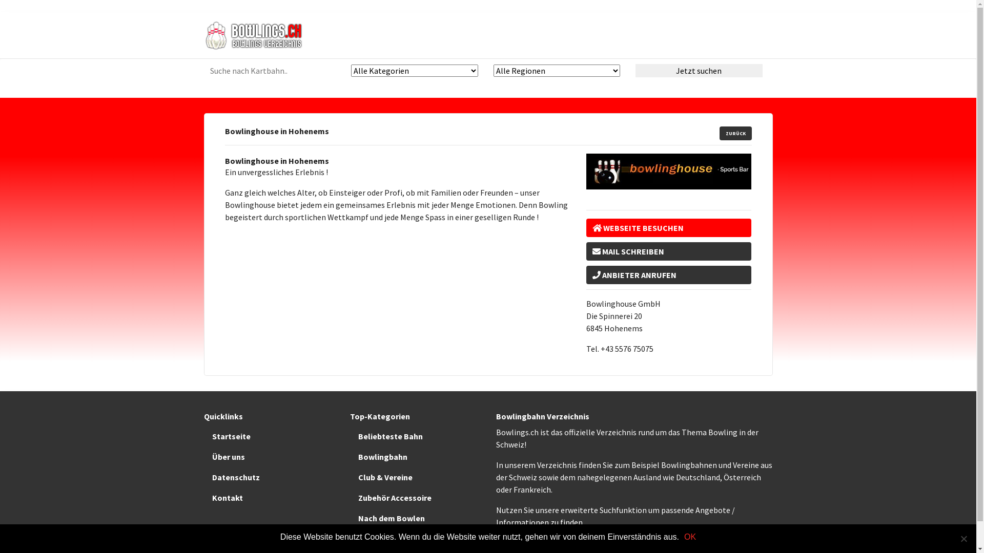 This screenshot has height=553, width=984. What do you see at coordinates (669, 251) in the screenshot?
I see `'MAIL SCHREIBEN'` at bounding box center [669, 251].